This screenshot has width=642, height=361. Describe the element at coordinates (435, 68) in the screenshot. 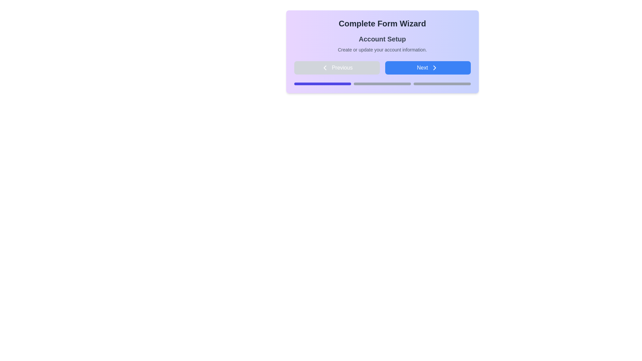

I see `the right-pointing arrow-shaped icon that is part of an SVG graphic` at that location.